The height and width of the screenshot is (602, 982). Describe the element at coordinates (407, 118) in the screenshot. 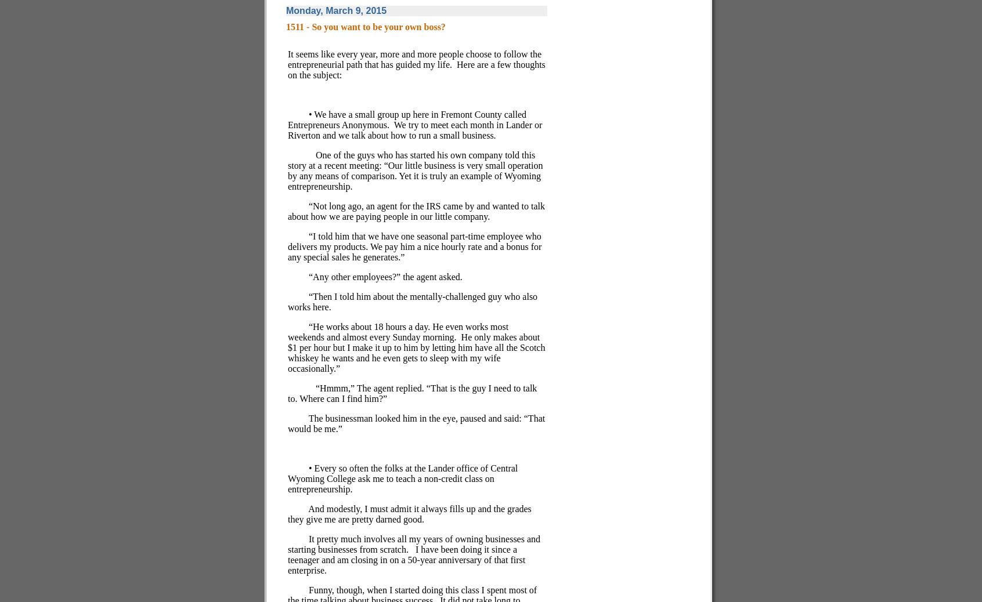

I see `'• We have a
small group up here in Fremont County called Entrepreneurs Anonymous.'` at that location.